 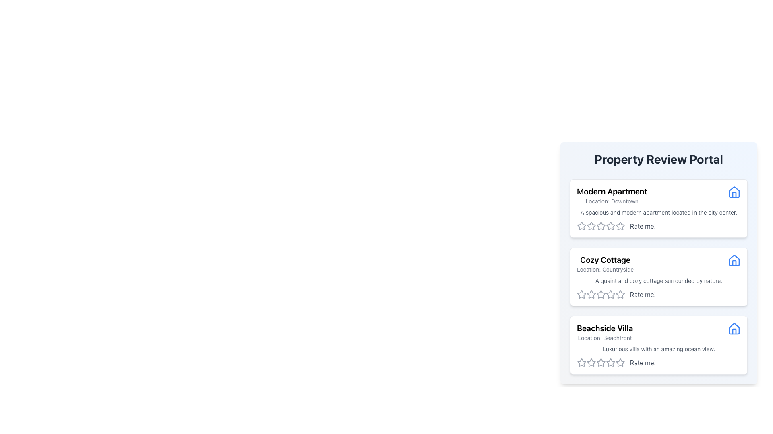 I want to click on the descriptive text label for the rating system located on the far right of the review section for the 'Cozy Cottage' property in the 'Property Review Portal' interface, so click(x=643, y=294).